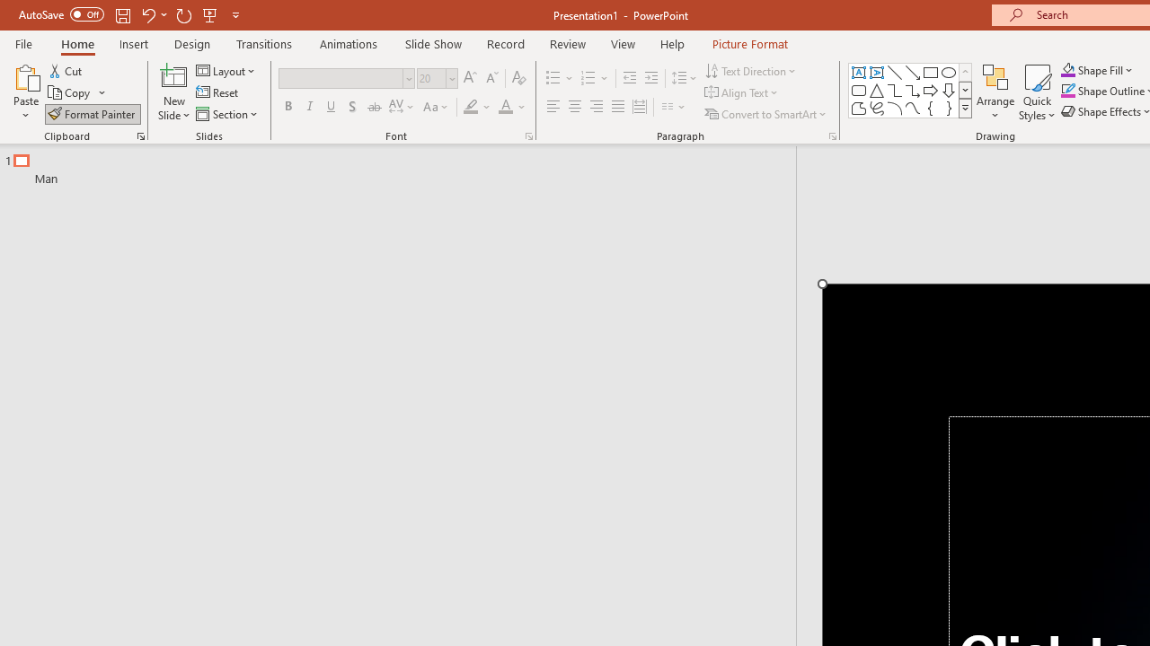 This screenshot has height=646, width=1150. Describe the element at coordinates (858, 72) in the screenshot. I see `'Text Box'` at that location.